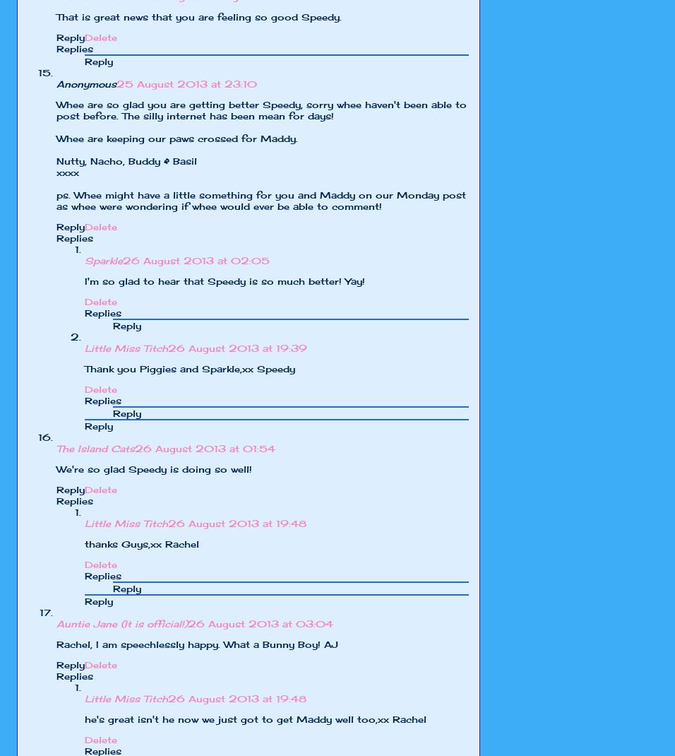 Image resolution: width=675 pixels, height=756 pixels. Describe the element at coordinates (104, 260) in the screenshot. I see `'Sparkle'` at that location.